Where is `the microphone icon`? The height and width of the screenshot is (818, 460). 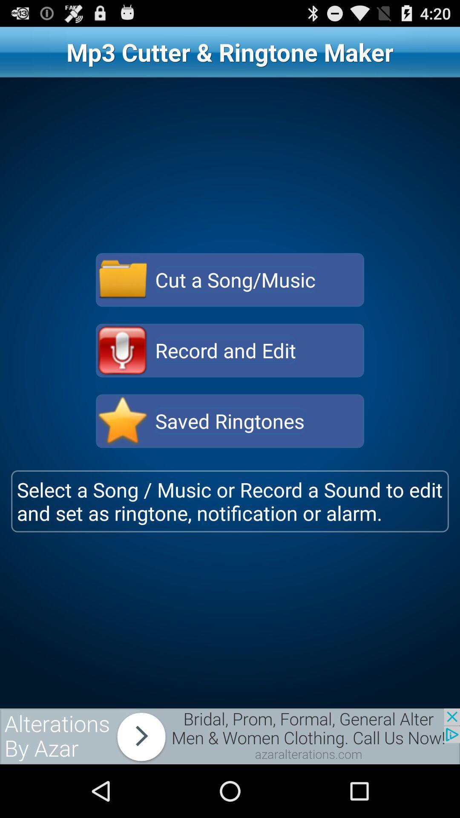 the microphone icon is located at coordinates (123, 375).